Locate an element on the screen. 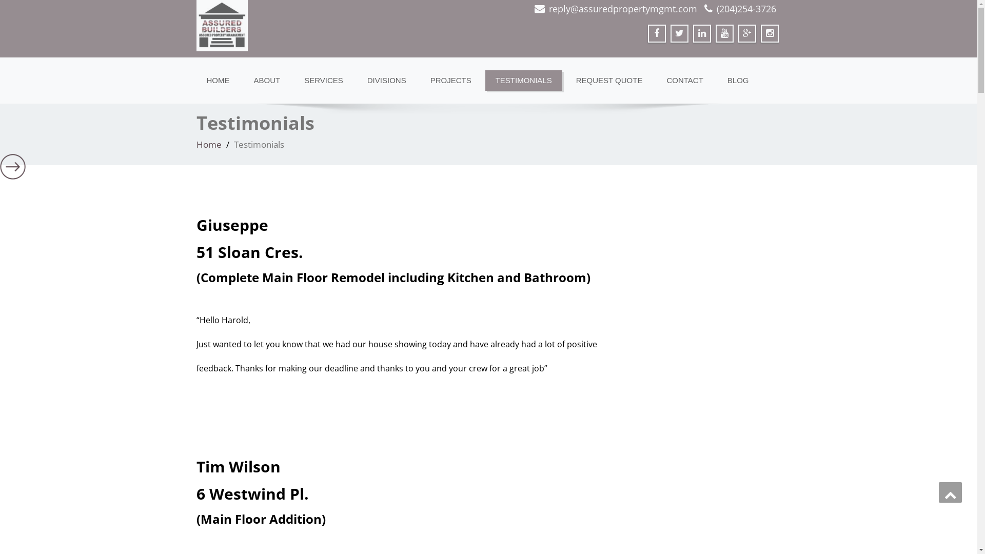 This screenshot has width=985, height=554. 'BLOG' is located at coordinates (738, 80).